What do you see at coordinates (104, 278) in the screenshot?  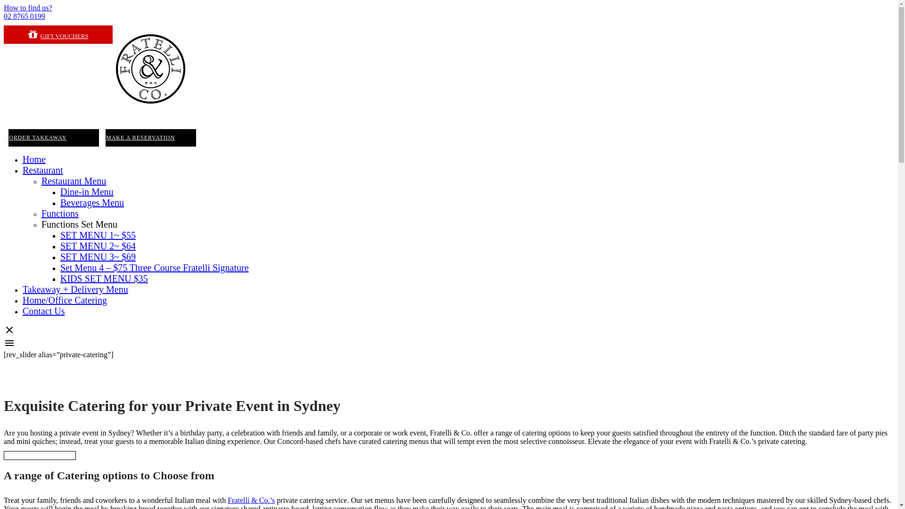 I see `'KIDS SET MENU $35'` at bounding box center [104, 278].